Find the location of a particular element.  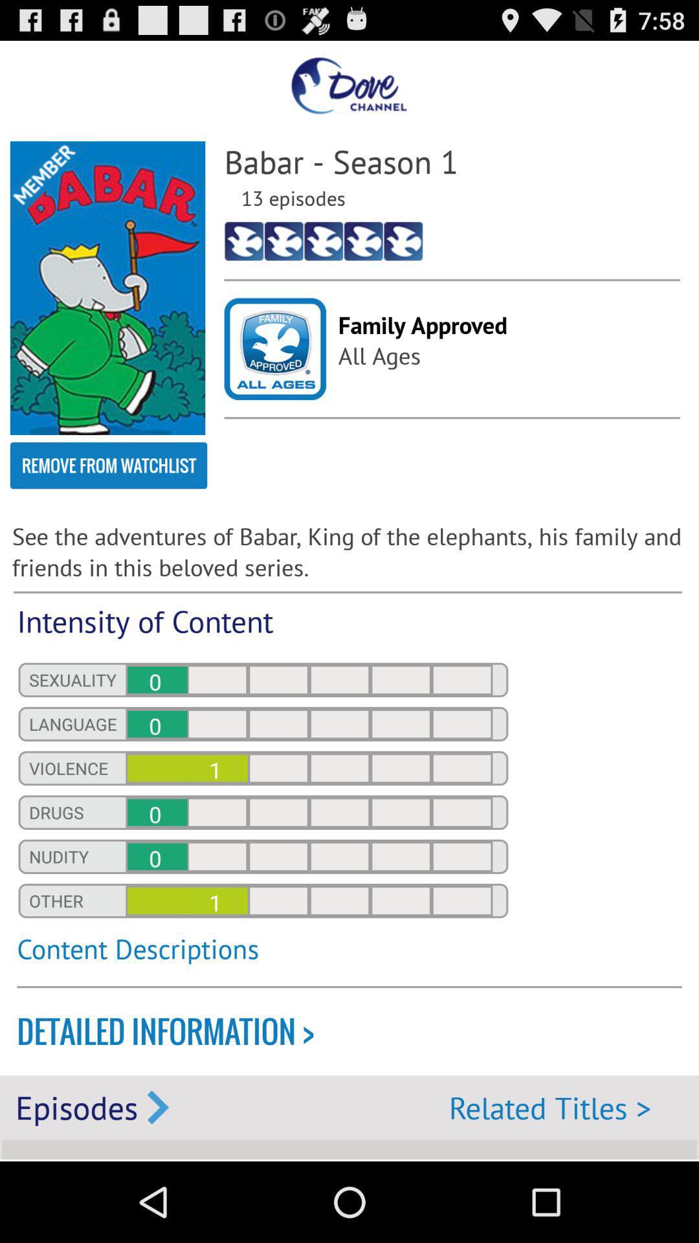

item above the see the adventures is located at coordinates (108, 465).